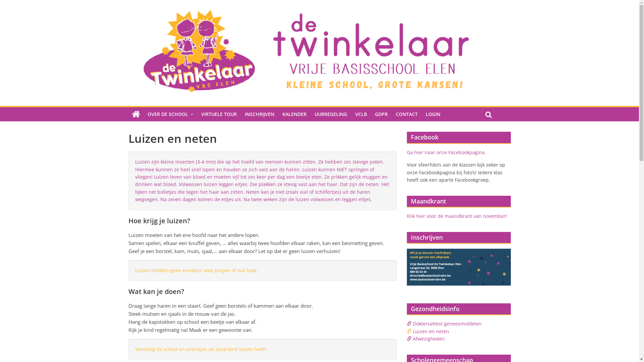 The image size is (644, 362). Describe the element at coordinates (412, 323) in the screenshot. I see `'Doktersattest geneesmiddelen'` at that location.